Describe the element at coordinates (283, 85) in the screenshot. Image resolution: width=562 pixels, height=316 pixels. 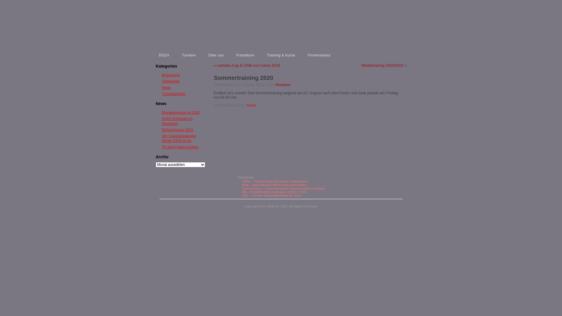
I see `'Redaktor'` at that location.